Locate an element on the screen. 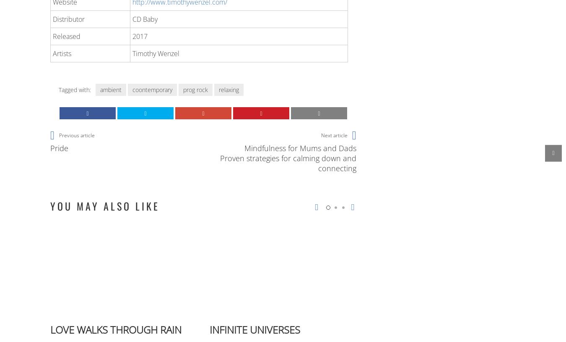 The width and height of the screenshot is (566, 342). 'Infinite Universes' is located at coordinates (255, 329).